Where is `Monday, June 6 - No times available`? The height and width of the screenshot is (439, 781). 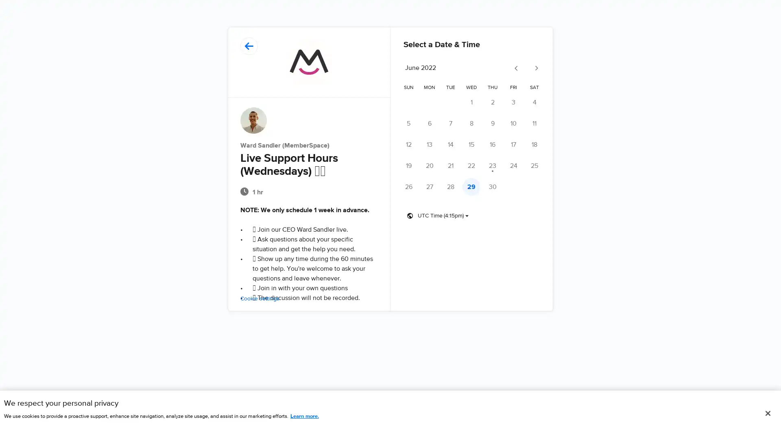 Monday, June 6 - No times available is located at coordinates (429, 124).